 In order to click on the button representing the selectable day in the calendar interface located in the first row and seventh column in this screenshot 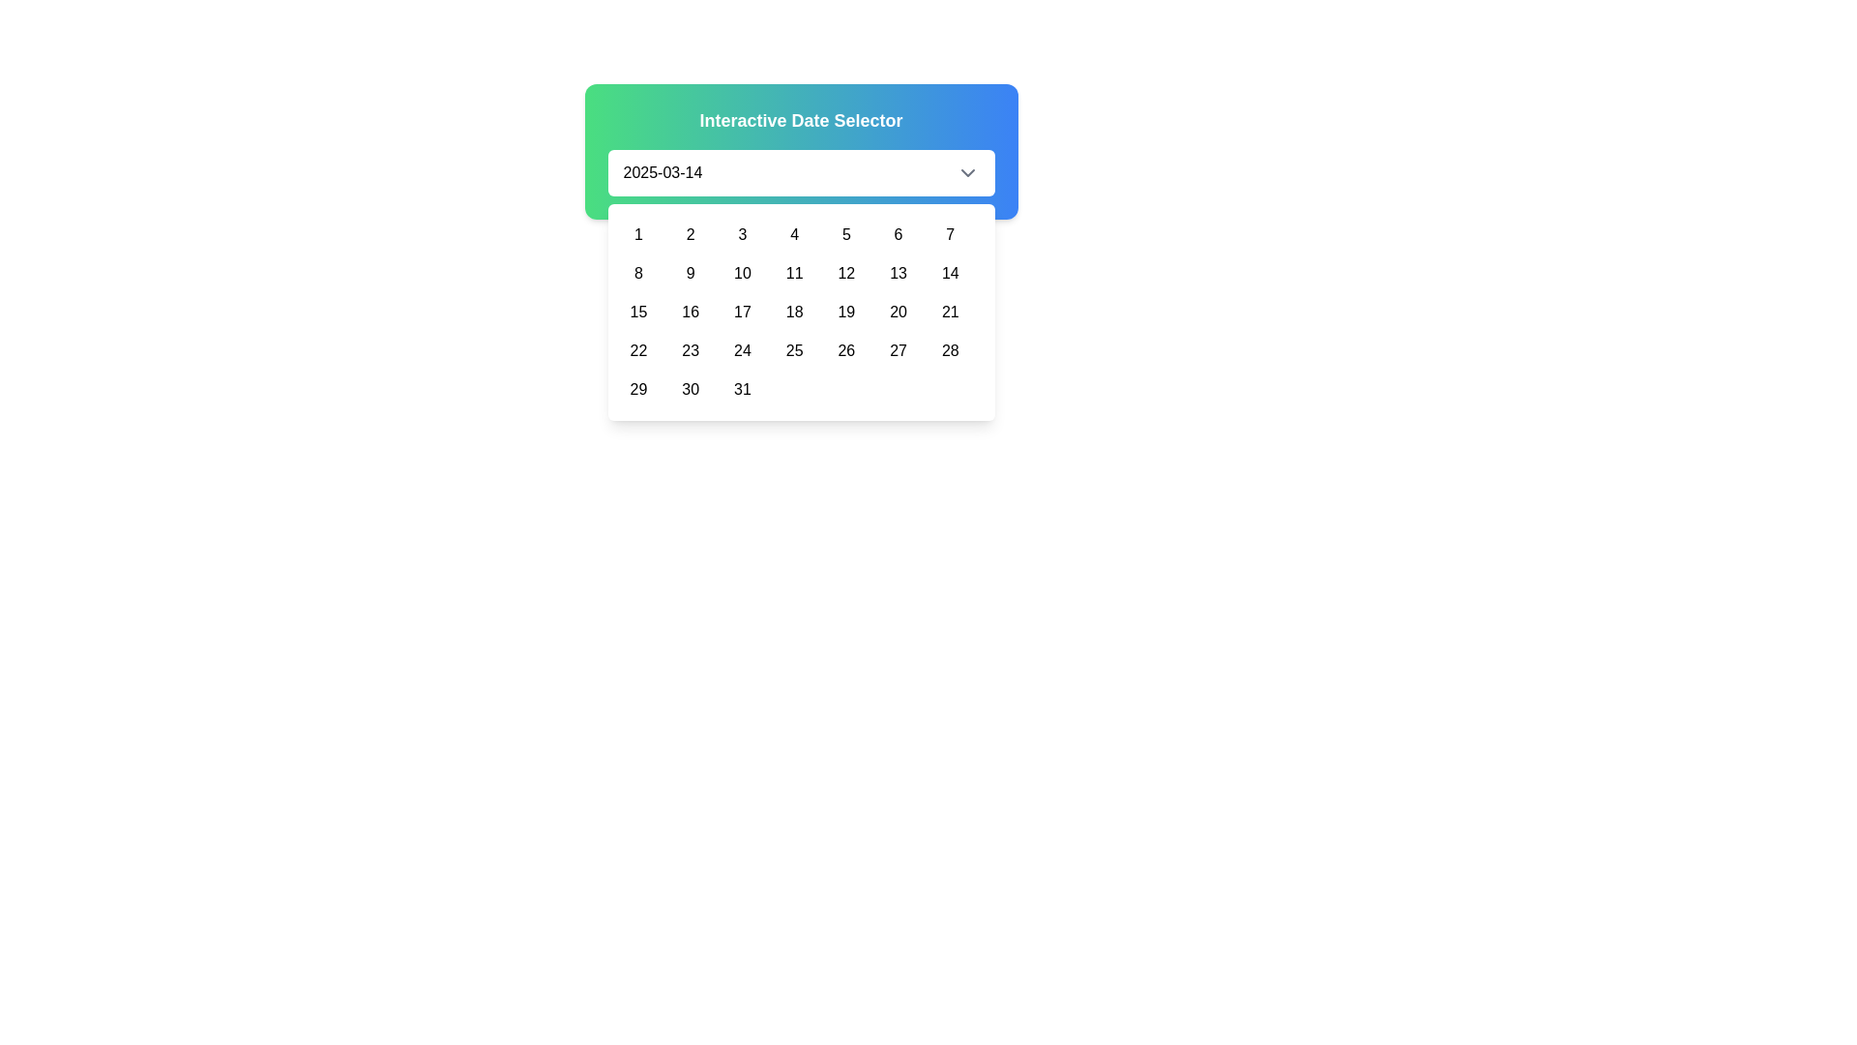, I will do `click(950, 234)`.